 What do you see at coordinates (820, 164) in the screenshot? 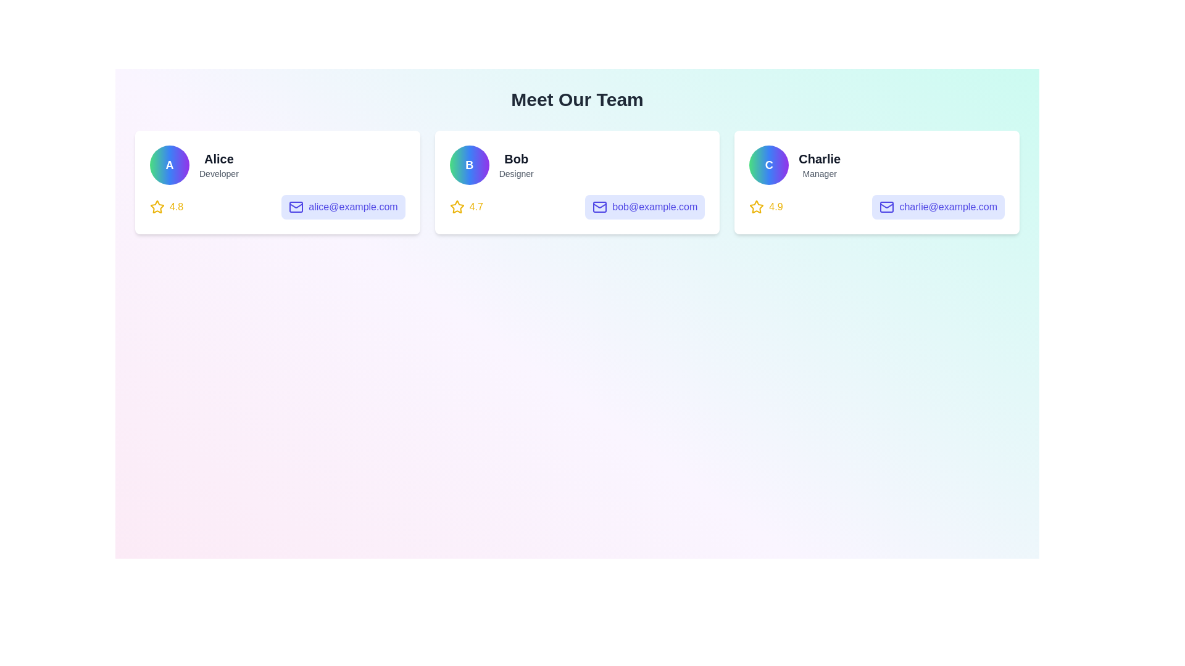
I see `the text element displaying 'Charlie' and their title 'Manager', located in the third profile card from the left, beneath the circular avatar with the letter 'C'` at bounding box center [820, 164].